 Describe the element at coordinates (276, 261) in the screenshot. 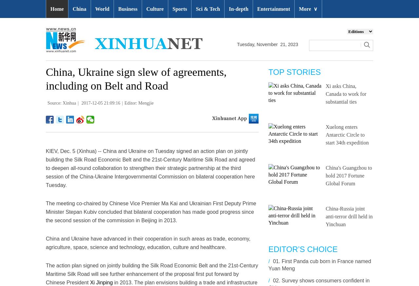

I see `'01.'` at that location.